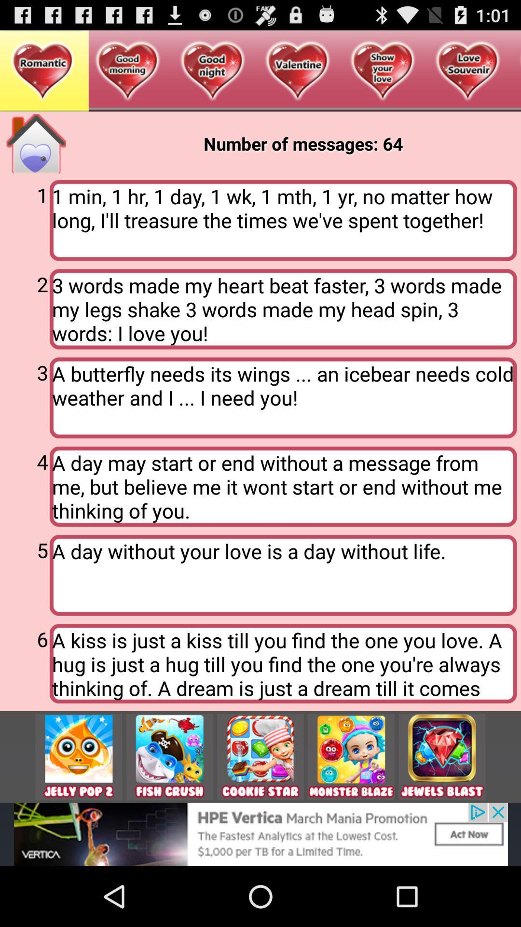 The height and width of the screenshot is (927, 521). I want to click on click on advertisement, so click(260, 756).